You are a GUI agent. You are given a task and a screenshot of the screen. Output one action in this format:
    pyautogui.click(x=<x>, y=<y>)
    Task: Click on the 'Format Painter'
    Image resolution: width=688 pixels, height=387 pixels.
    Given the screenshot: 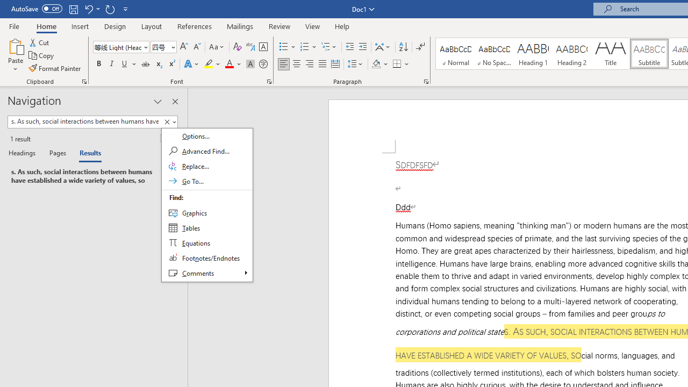 What is the action you would take?
    pyautogui.click(x=55, y=68)
    